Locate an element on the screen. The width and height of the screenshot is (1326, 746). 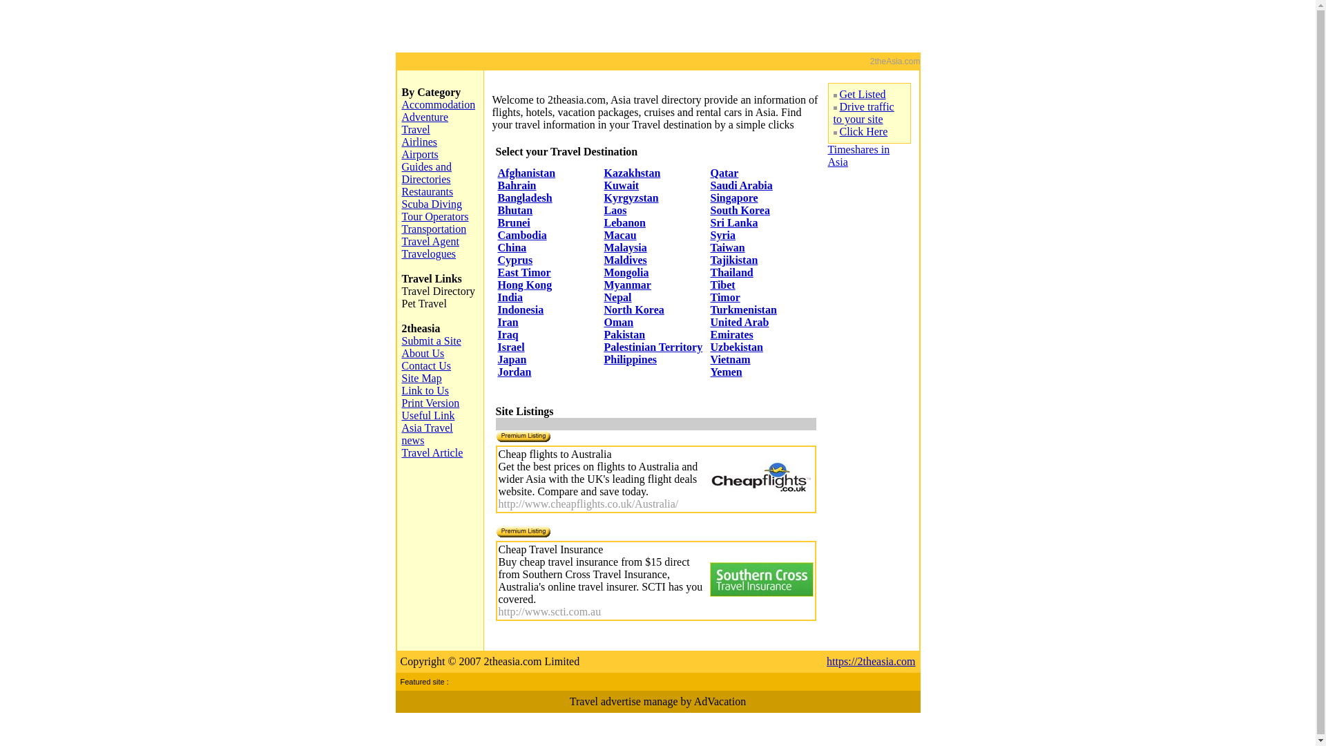
'Sri Lanka' is located at coordinates (733, 222).